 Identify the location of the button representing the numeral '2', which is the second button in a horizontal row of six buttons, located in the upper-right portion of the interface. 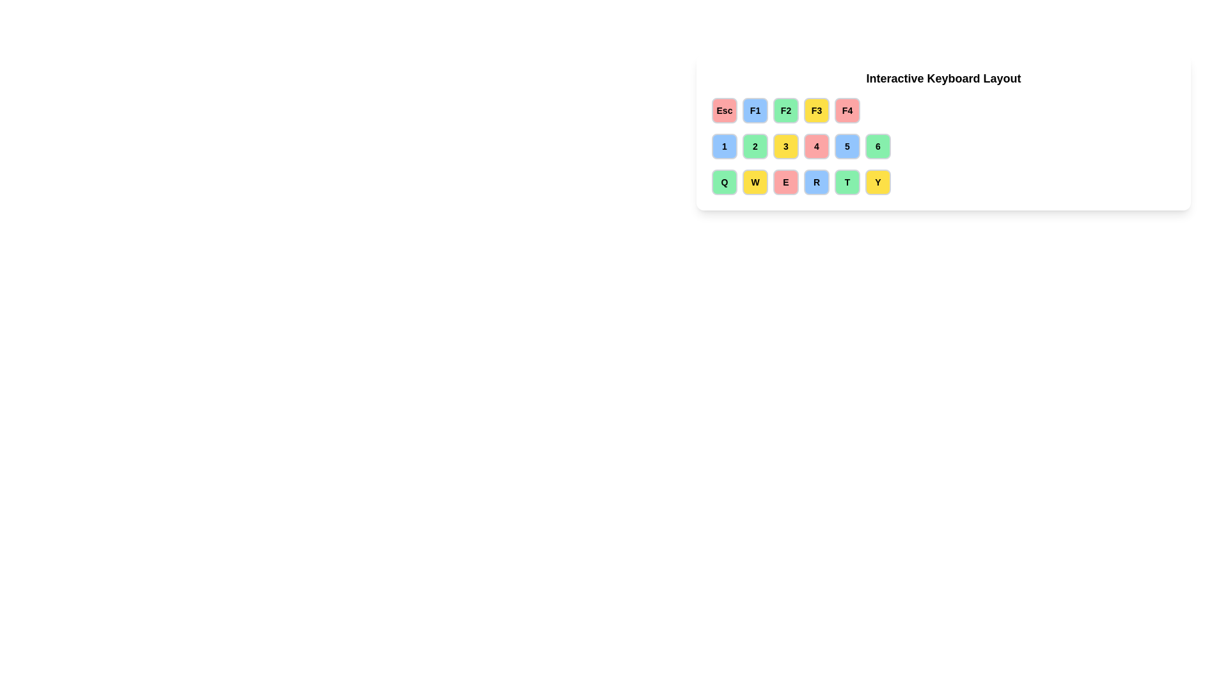
(755, 145).